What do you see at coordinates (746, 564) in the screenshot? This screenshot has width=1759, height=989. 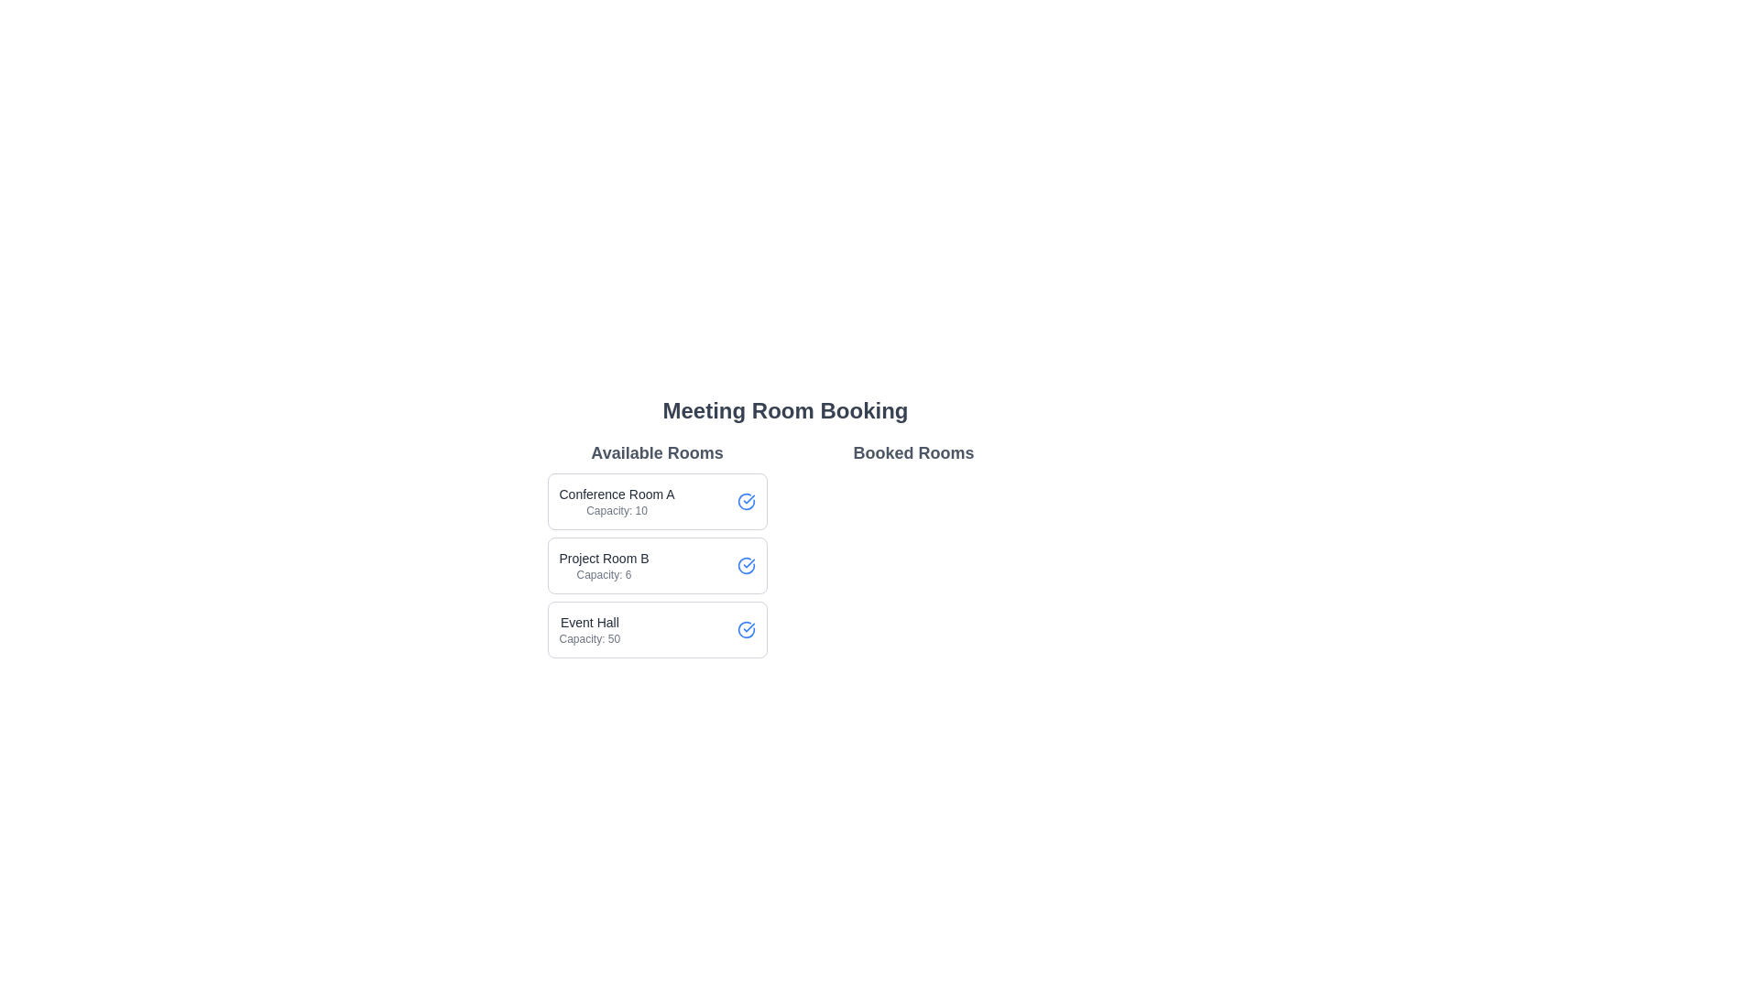 I see `the status icon for 'Project Room B', which is represented by a checkmark inside a circle` at bounding box center [746, 564].